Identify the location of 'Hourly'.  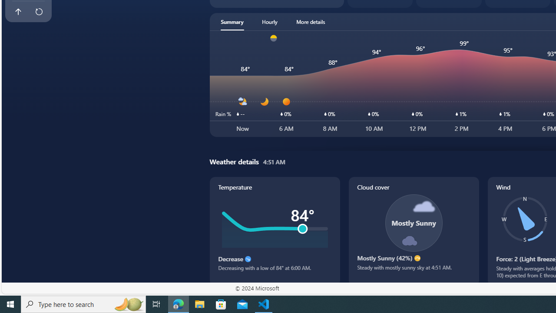
(269, 21).